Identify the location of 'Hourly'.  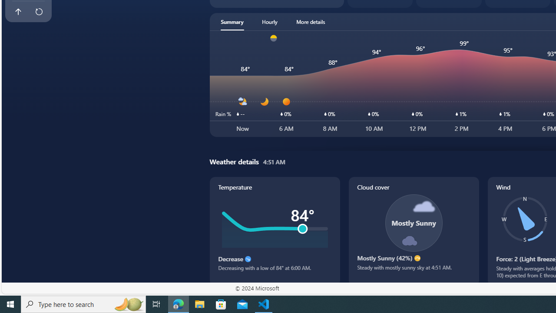
(269, 21).